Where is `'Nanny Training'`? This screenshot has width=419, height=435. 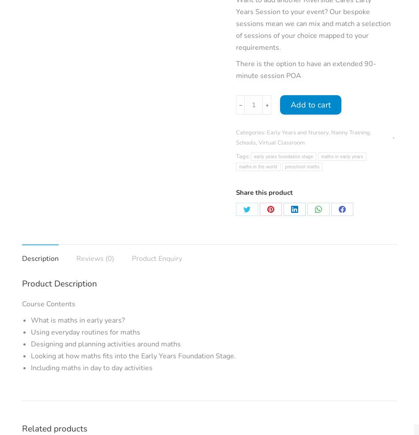
'Nanny Training' is located at coordinates (350, 132).